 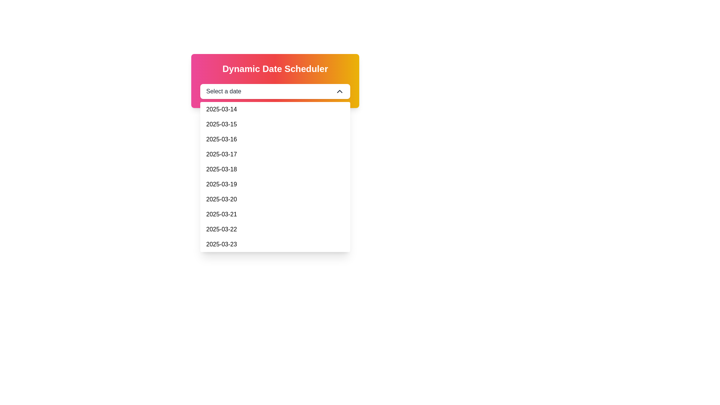 What do you see at coordinates (275, 139) in the screenshot?
I see `the dropdown menu option displaying '2025-03-16'` at bounding box center [275, 139].